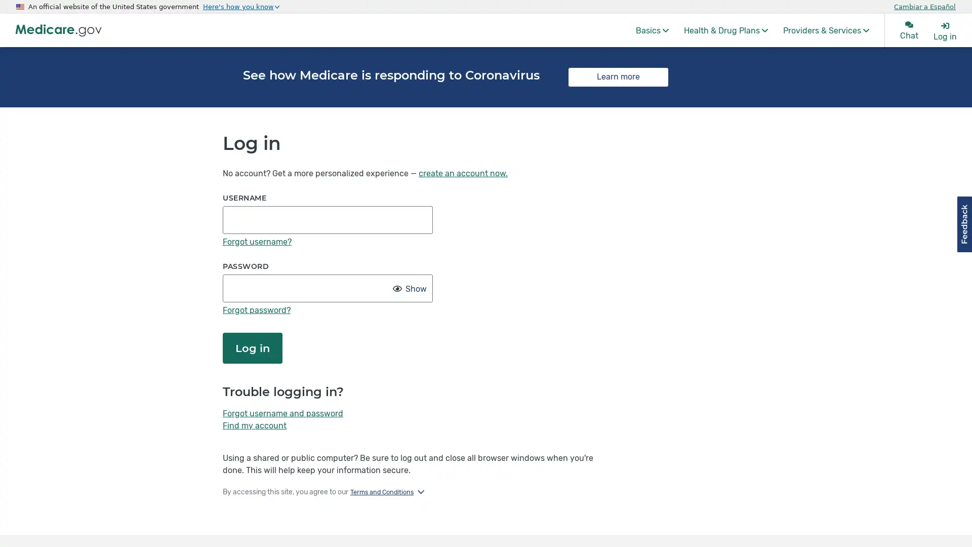 Image resolution: width=972 pixels, height=547 pixels. Describe the element at coordinates (826, 30) in the screenshot. I see `Providers & Services` at that location.